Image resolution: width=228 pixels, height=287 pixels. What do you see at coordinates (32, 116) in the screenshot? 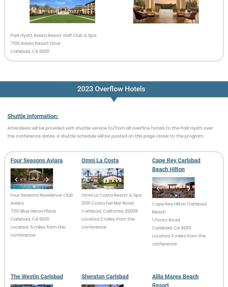
I see `'Shuttle Information:'` at bounding box center [32, 116].